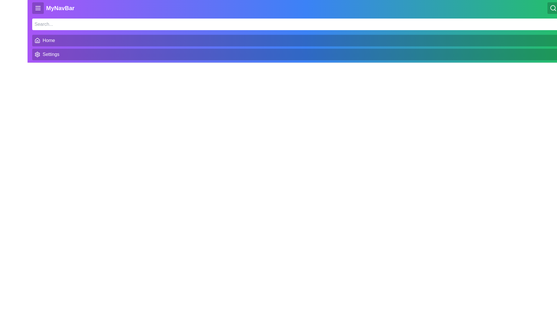 The height and width of the screenshot is (313, 557). Describe the element at coordinates (37, 54) in the screenshot. I see `the settings icon resembling a cogwheel with a central circle, located in the sidebar menu below the 'Home' item` at that location.